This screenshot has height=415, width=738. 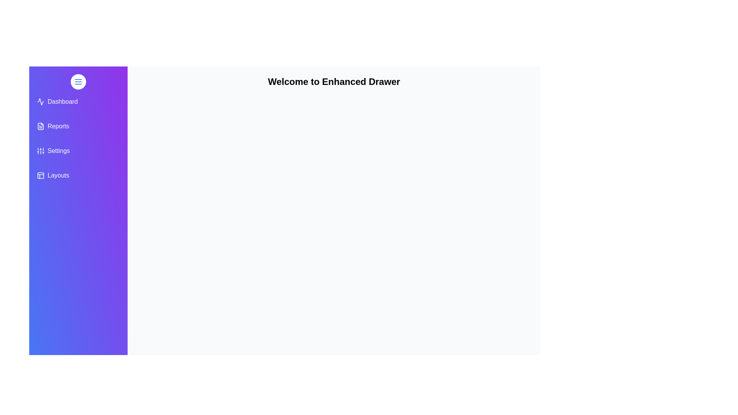 I want to click on toggle button to toggle the drawer open or closed, so click(x=78, y=81).